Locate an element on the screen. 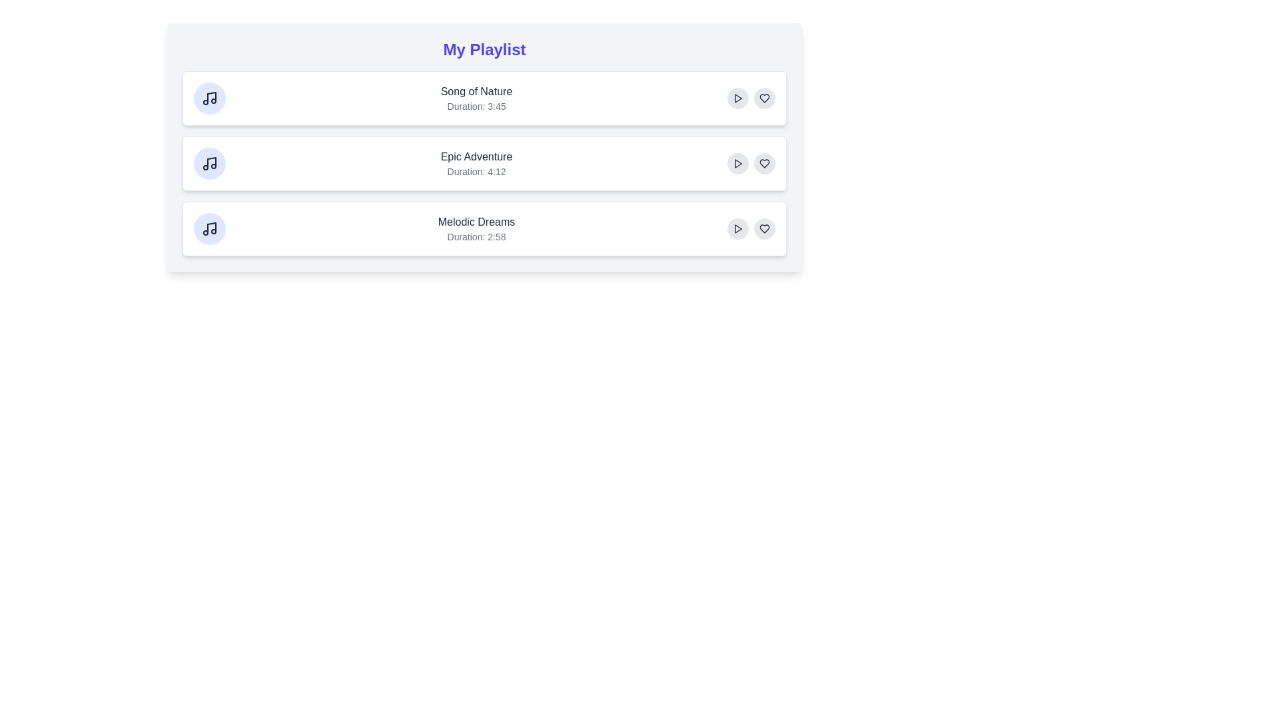 This screenshot has width=1279, height=719. the track Song of Nature from the playlist is located at coordinates (484, 97).